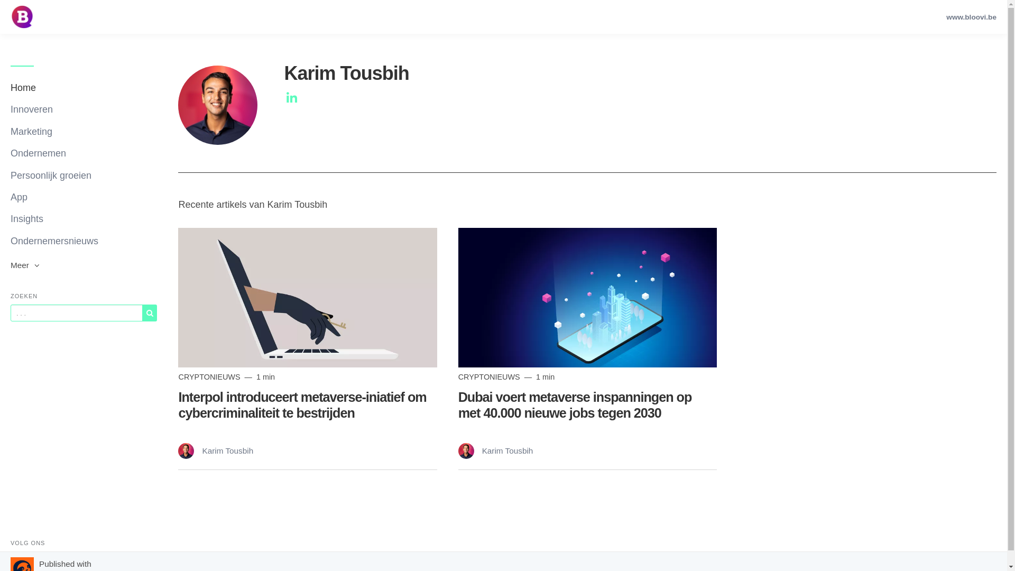 This screenshot has width=1015, height=571. What do you see at coordinates (83, 175) in the screenshot?
I see `'Persoonlijk groeien'` at bounding box center [83, 175].